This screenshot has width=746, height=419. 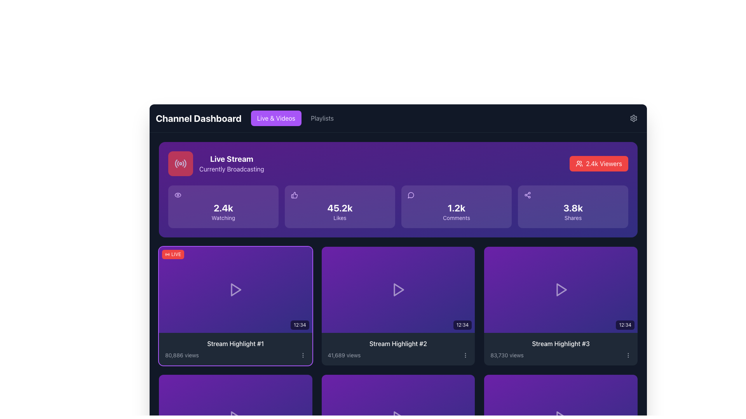 What do you see at coordinates (398, 290) in the screenshot?
I see `the play button icon located in the second tile of the second row of video highlights for keyboard actions` at bounding box center [398, 290].